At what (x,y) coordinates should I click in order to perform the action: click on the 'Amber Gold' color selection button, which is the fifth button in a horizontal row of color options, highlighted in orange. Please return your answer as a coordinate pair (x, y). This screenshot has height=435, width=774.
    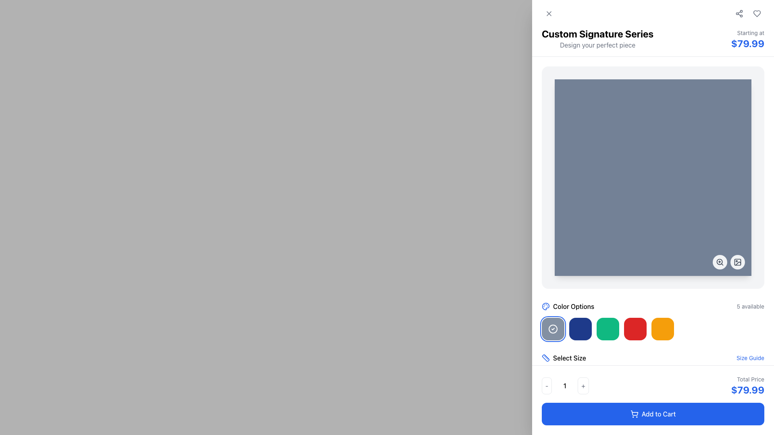
    Looking at the image, I should click on (653, 329).